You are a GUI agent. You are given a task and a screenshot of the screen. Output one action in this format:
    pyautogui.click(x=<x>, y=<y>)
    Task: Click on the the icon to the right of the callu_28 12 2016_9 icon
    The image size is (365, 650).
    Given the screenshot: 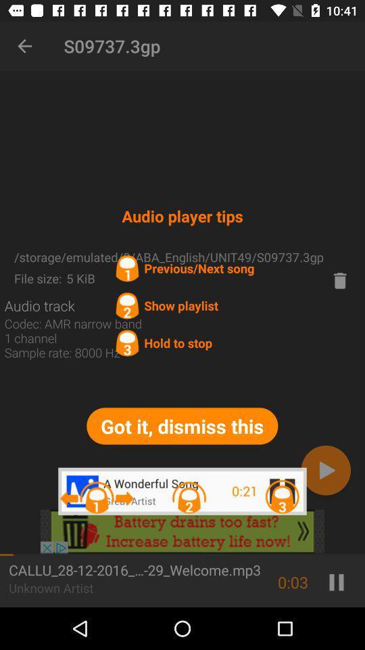 What is the action you would take?
    pyautogui.click(x=292, y=582)
    